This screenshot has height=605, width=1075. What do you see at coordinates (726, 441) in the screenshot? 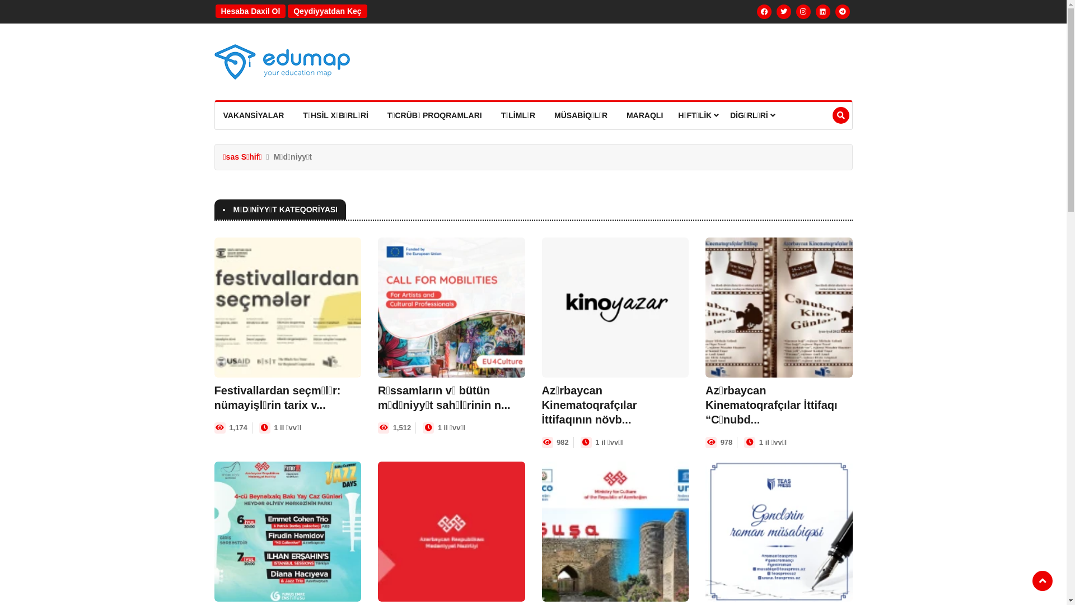
I see `'978'` at bounding box center [726, 441].